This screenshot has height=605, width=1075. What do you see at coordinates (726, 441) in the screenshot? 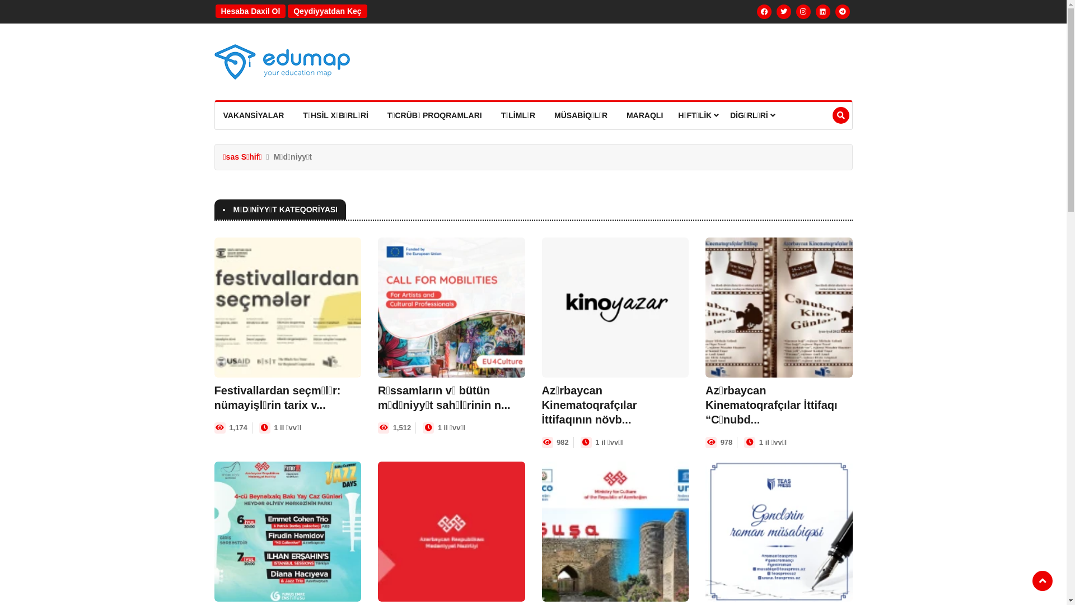
I see `'978'` at bounding box center [726, 441].